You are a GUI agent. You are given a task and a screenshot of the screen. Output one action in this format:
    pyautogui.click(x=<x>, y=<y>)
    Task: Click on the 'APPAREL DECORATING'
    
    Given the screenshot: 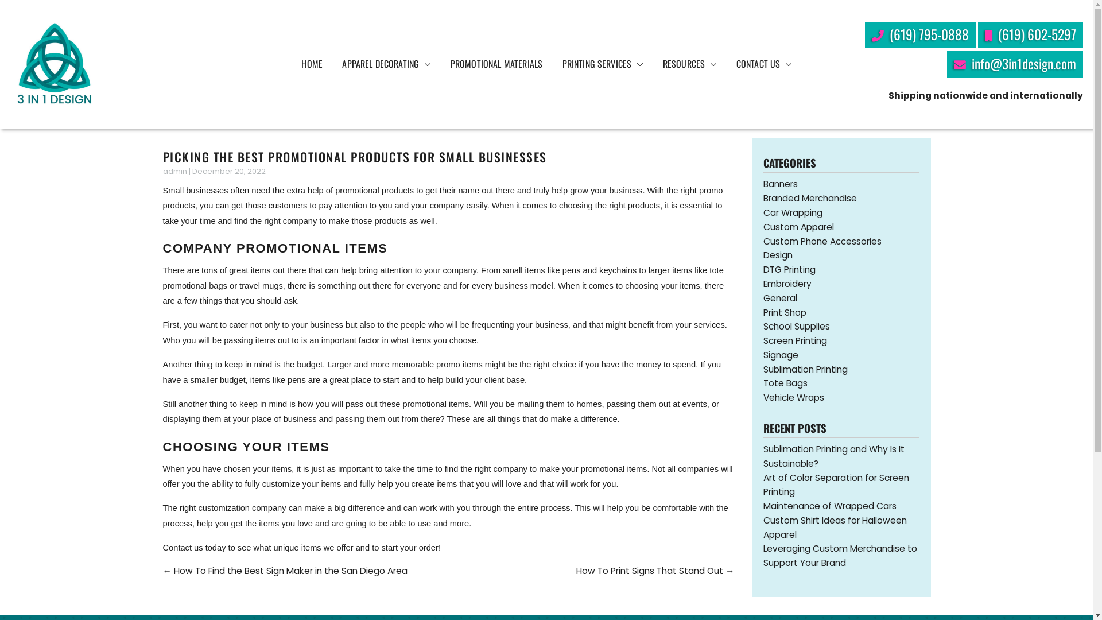 What is the action you would take?
    pyautogui.click(x=335, y=64)
    